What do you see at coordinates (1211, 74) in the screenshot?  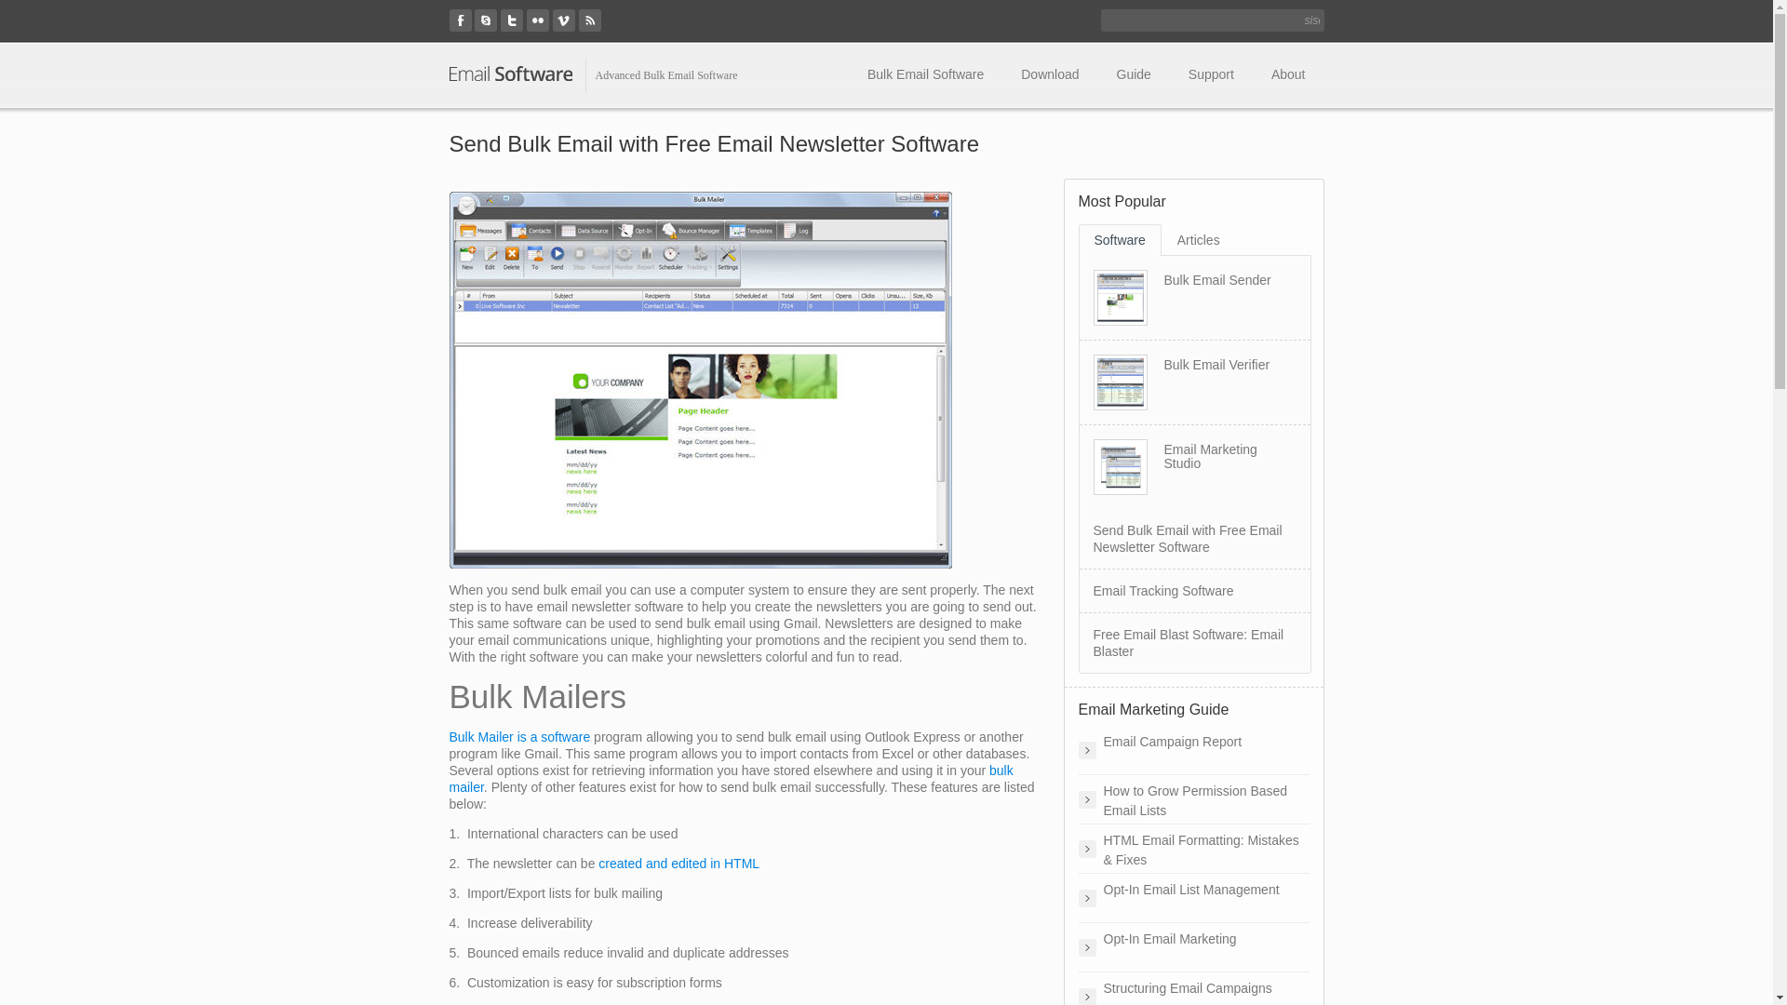 I see `'Support'` at bounding box center [1211, 74].